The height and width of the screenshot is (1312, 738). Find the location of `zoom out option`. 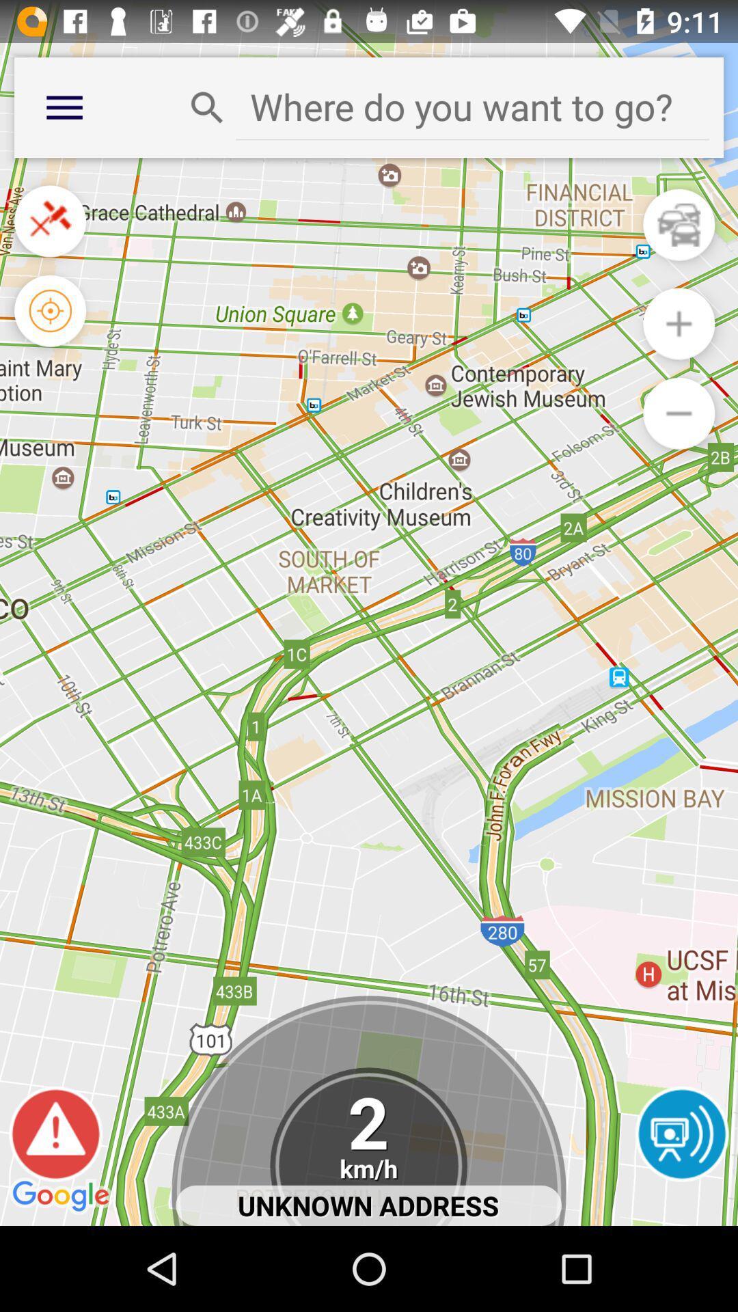

zoom out option is located at coordinates (679, 413).